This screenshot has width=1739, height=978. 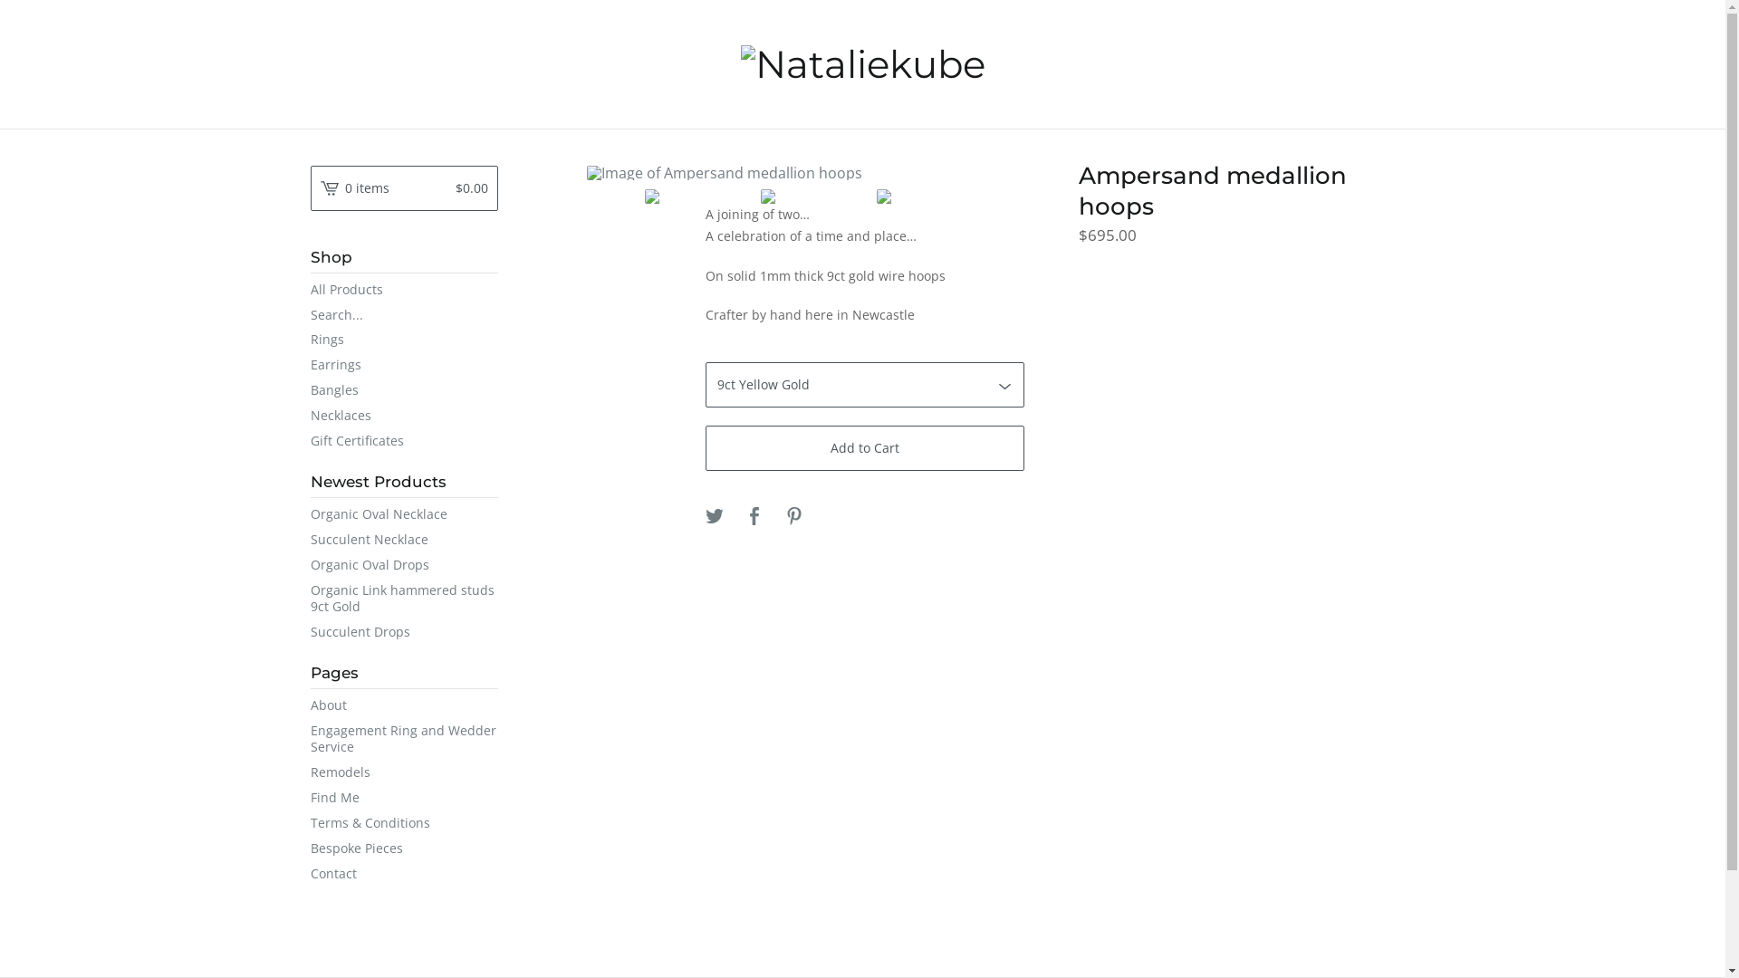 I want to click on 'Bespoke Pieces', so click(x=402, y=849).